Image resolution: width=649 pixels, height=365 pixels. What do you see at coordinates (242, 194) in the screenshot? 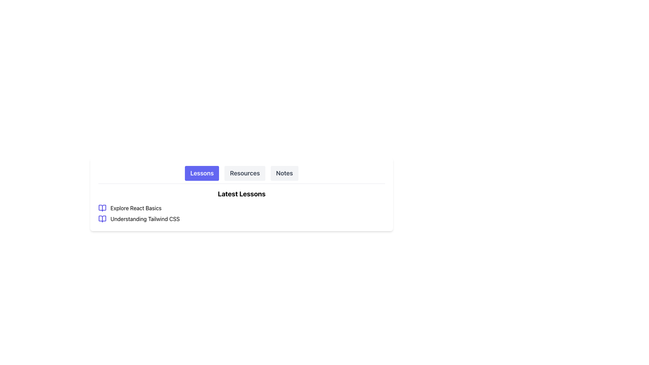
I see `the heading text that introduces the section listing educational materials, positioned directly above the lesson titles` at bounding box center [242, 194].